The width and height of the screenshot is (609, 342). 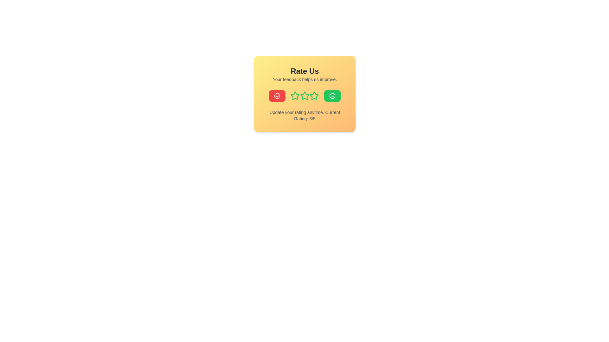 I want to click on the green button with rounded corners and a smiley face icon to observe its hover effect, so click(x=332, y=96).